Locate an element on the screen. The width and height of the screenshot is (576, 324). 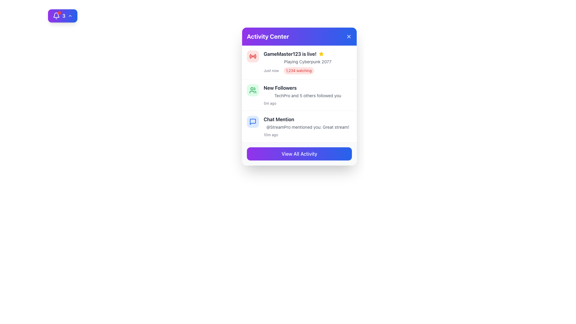
the neighboring elements of the 'Chat Mention' text label, which serves as a title for the associated notification in the activity center card is located at coordinates (278, 119).